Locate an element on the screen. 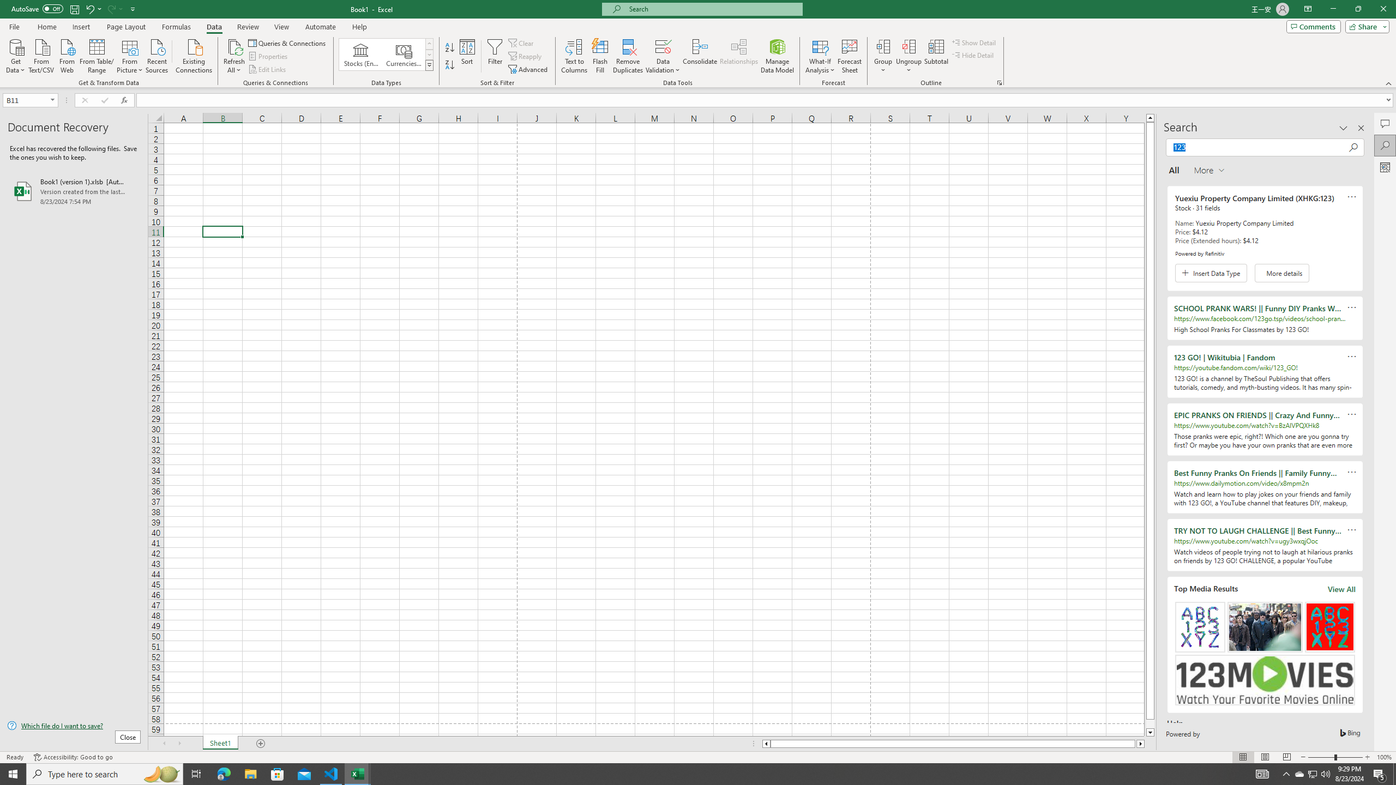 The height and width of the screenshot is (785, 1396). 'Help' is located at coordinates (359, 27).